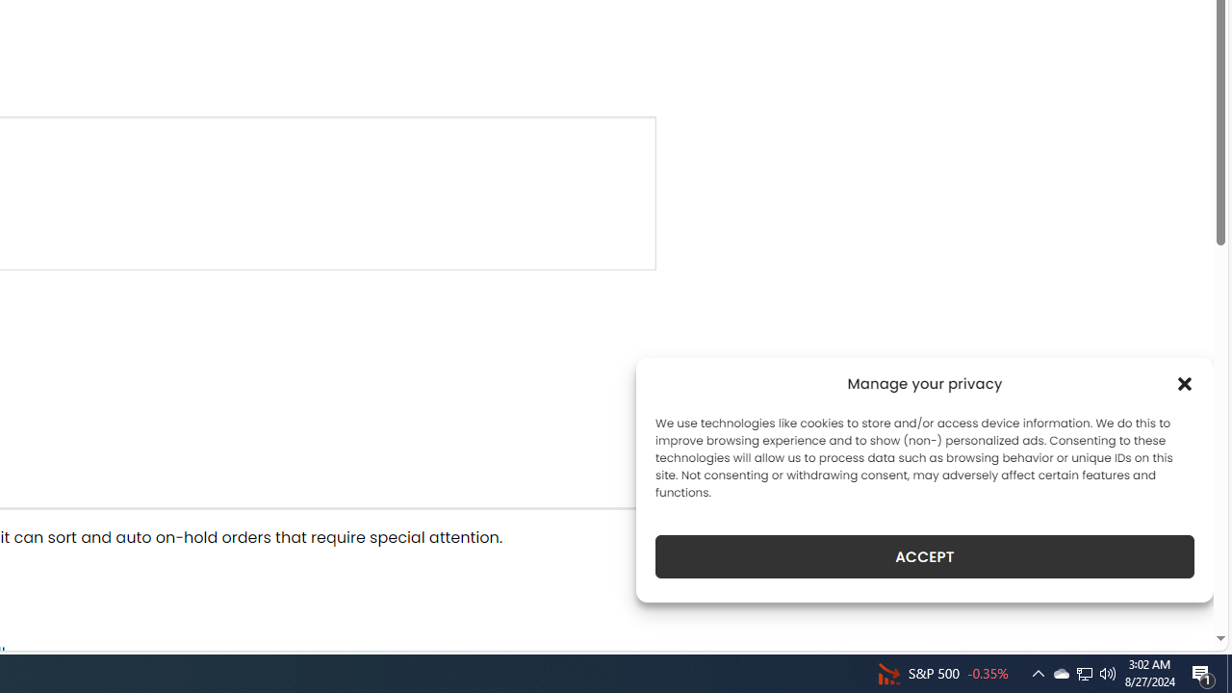 The width and height of the screenshot is (1232, 693). Describe the element at coordinates (1184, 383) in the screenshot. I see `'Class: cmplz-close'` at that location.